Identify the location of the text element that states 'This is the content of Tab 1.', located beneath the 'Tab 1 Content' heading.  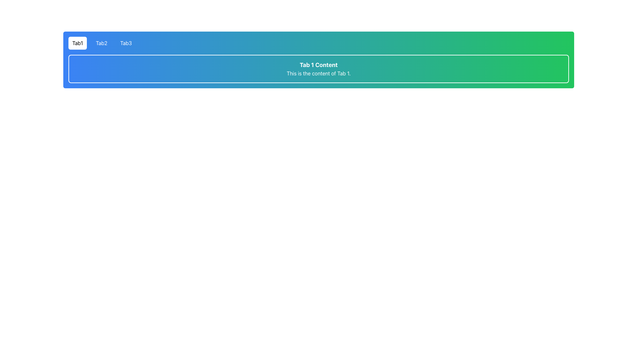
(319, 73).